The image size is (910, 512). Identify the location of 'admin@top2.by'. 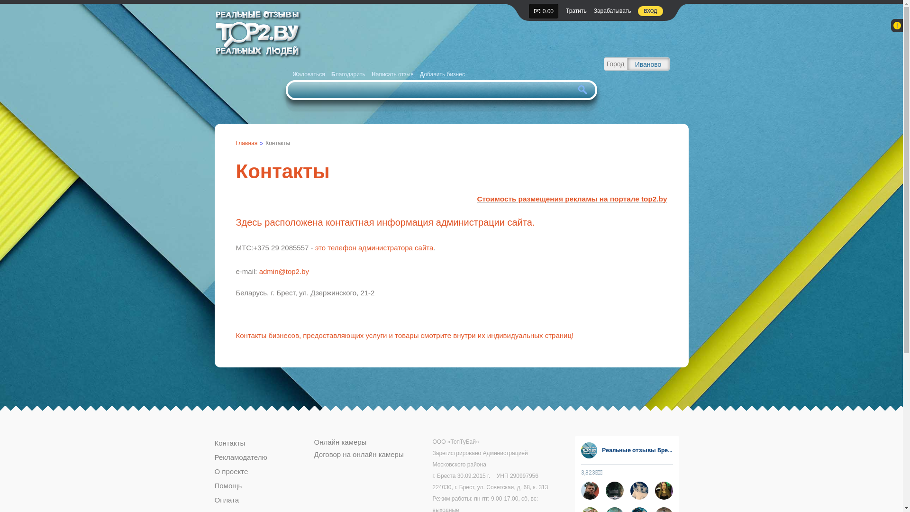
(283, 271).